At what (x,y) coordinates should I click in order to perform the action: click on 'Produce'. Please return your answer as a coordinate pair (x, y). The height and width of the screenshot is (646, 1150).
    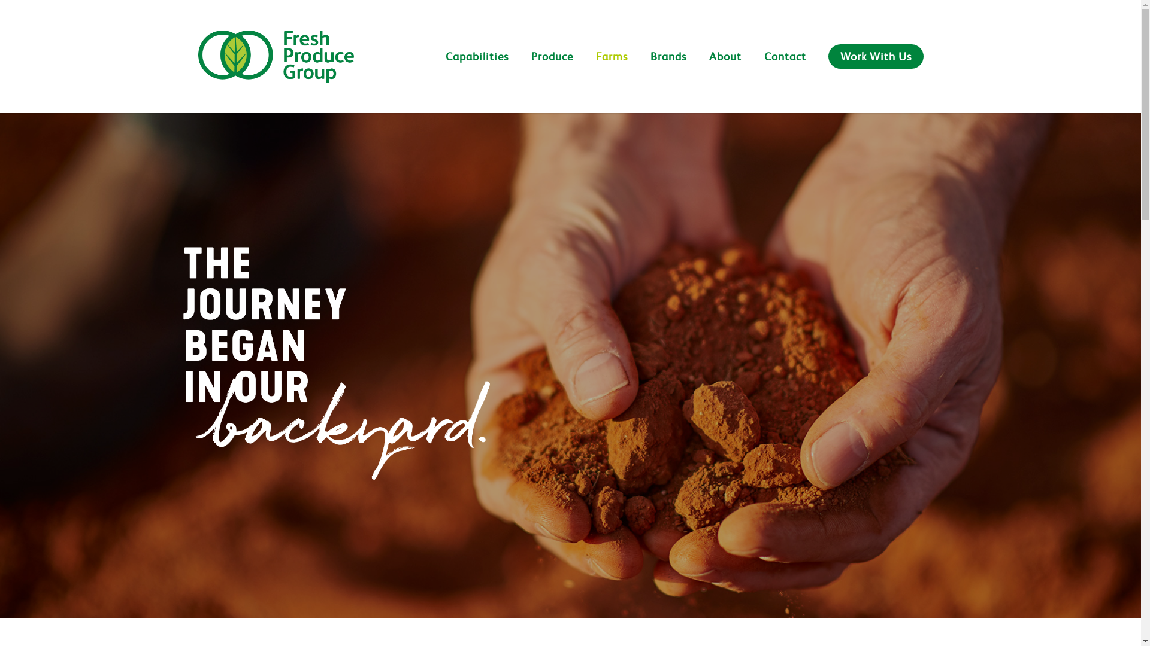
    Looking at the image, I should click on (551, 71).